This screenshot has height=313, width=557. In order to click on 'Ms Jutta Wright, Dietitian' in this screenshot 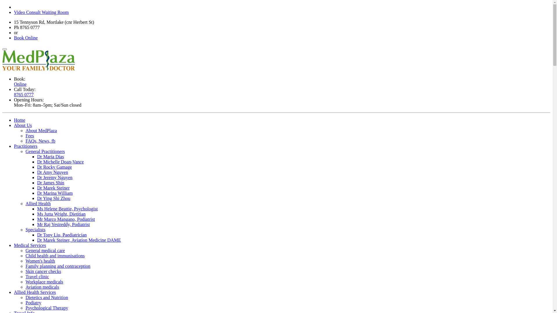, I will do `click(61, 214)`.